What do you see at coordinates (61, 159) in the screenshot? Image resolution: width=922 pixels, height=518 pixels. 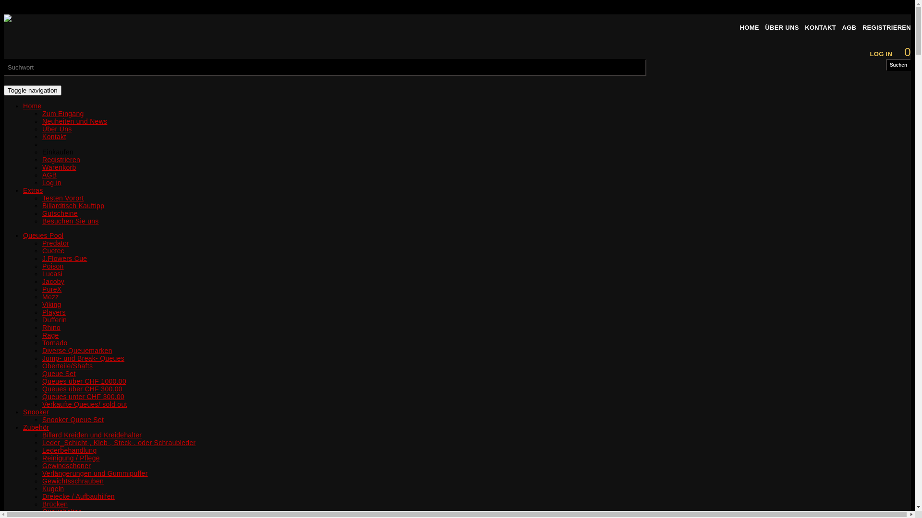 I see `'Registrieren'` at bounding box center [61, 159].